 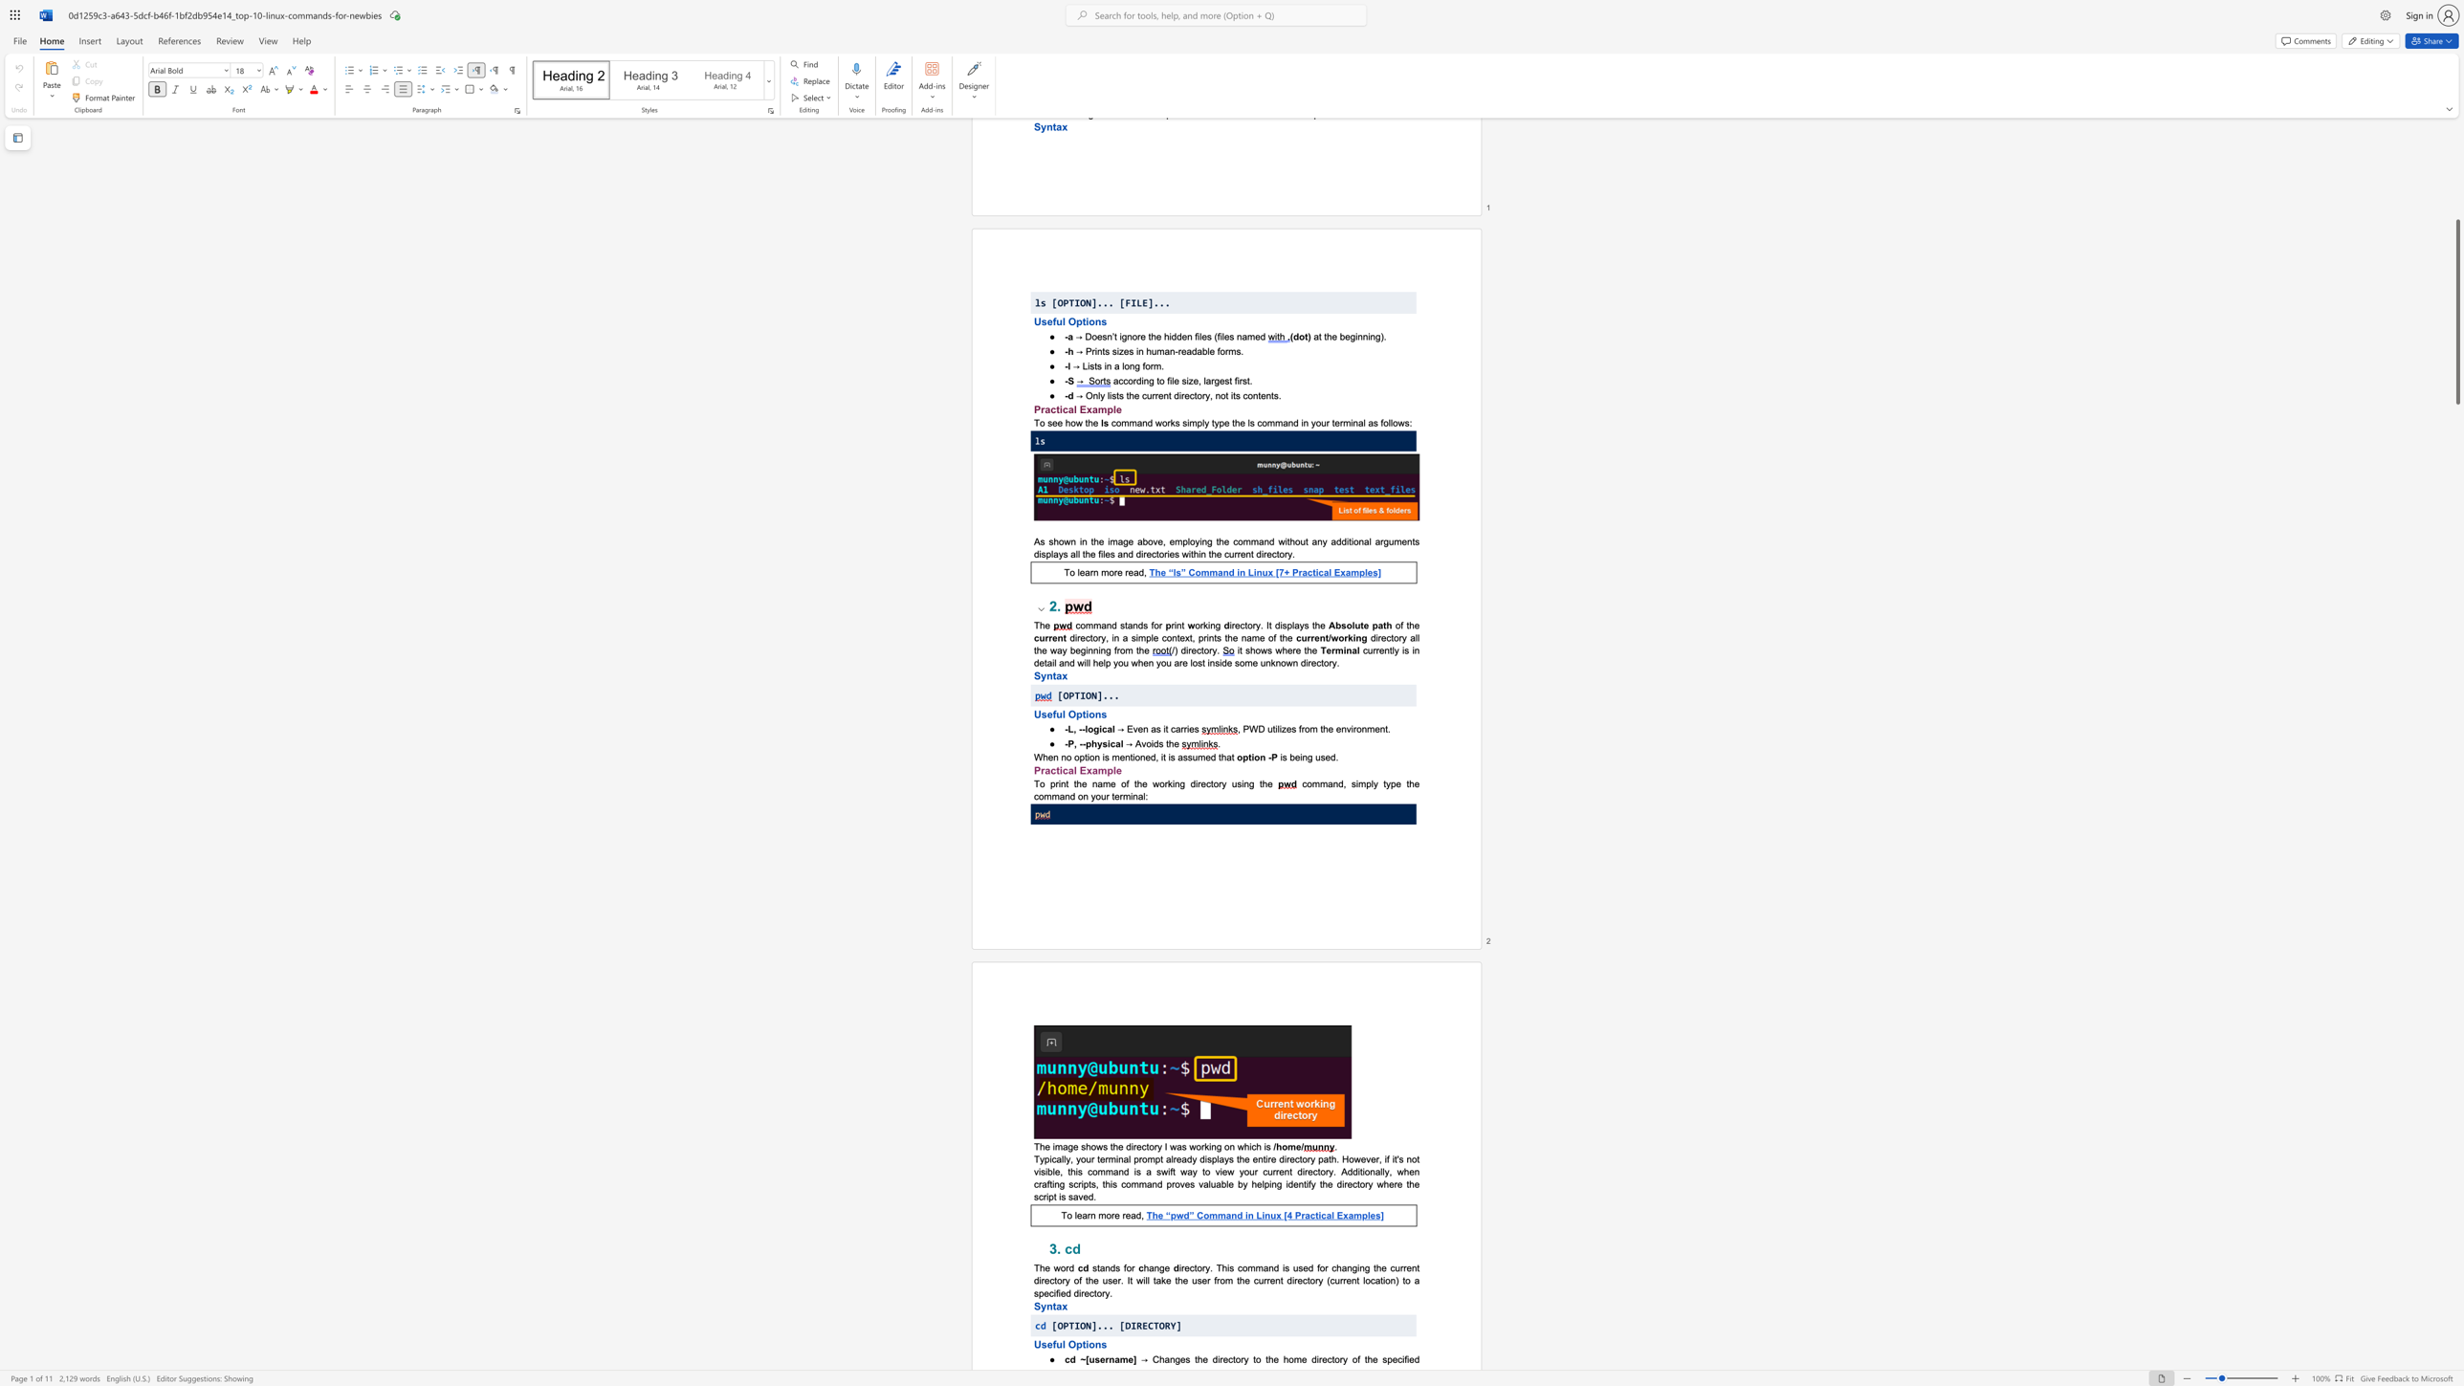 I want to click on the 2th character "s" in the text, so click(x=1321, y=757).